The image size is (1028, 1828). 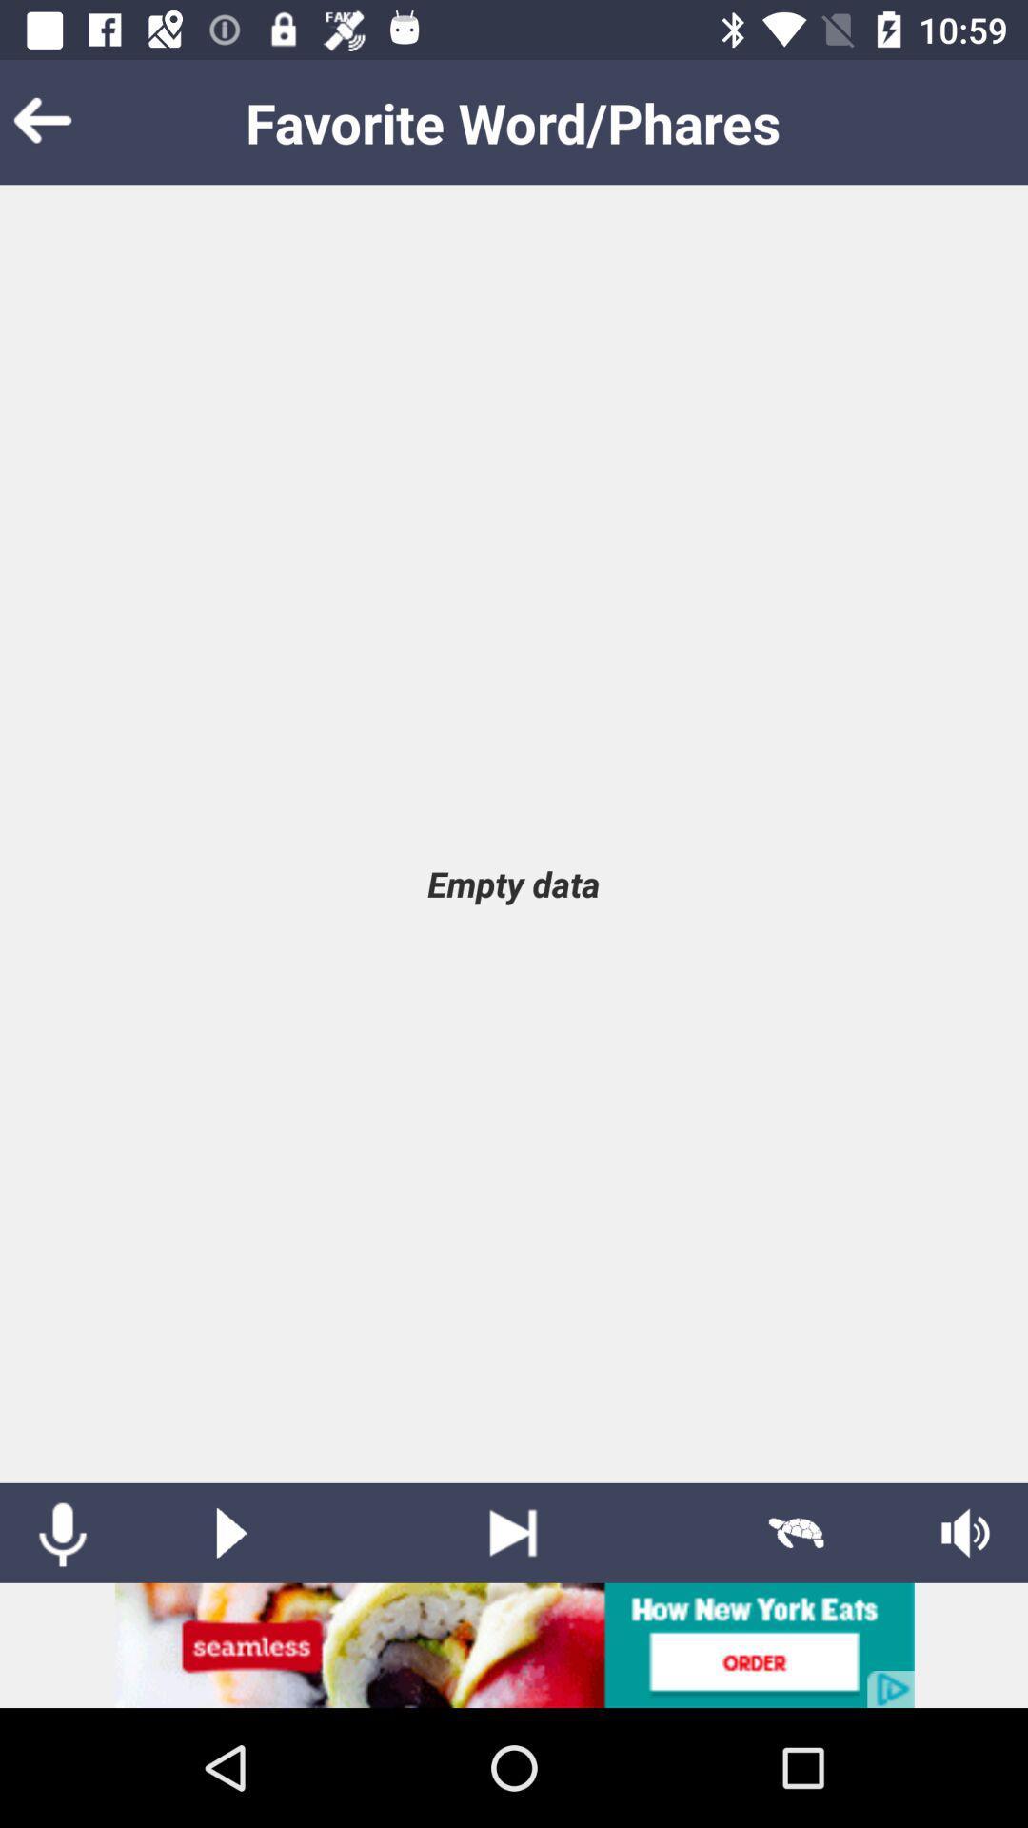 What do you see at coordinates (514, 1644) in the screenshot?
I see `connect to link` at bounding box center [514, 1644].